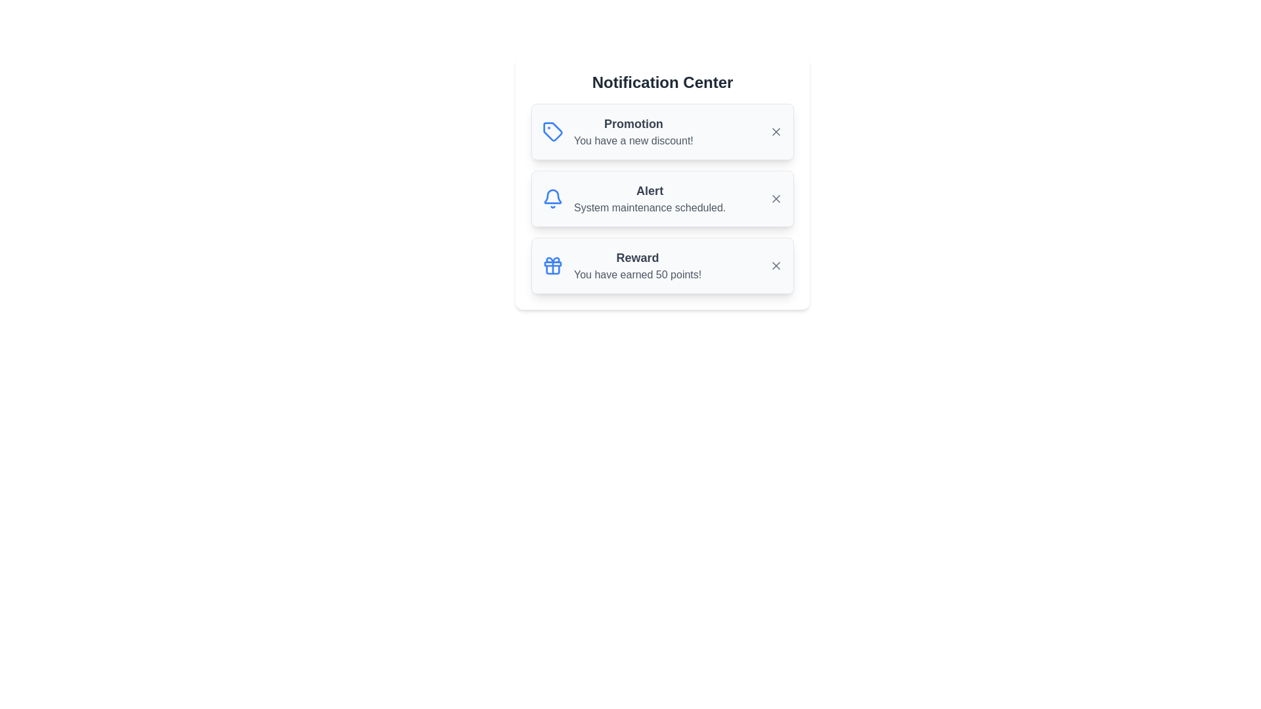  Describe the element at coordinates (650, 190) in the screenshot. I see `the prominent text label displaying 'Alert' in bold and dark gray font located in the Notification Center interface` at that location.